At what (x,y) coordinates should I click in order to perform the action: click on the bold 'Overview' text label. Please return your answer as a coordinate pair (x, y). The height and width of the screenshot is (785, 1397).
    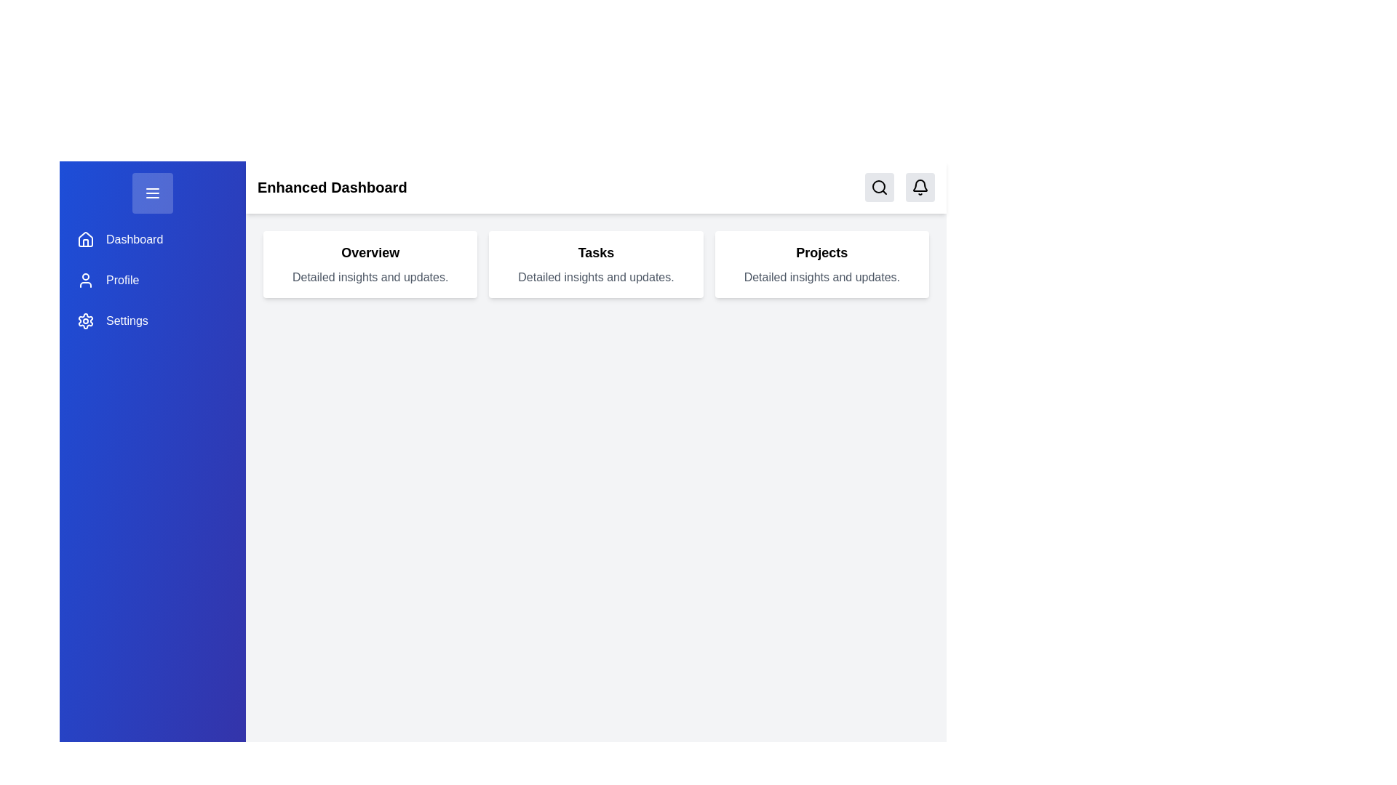
    Looking at the image, I should click on (370, 251).